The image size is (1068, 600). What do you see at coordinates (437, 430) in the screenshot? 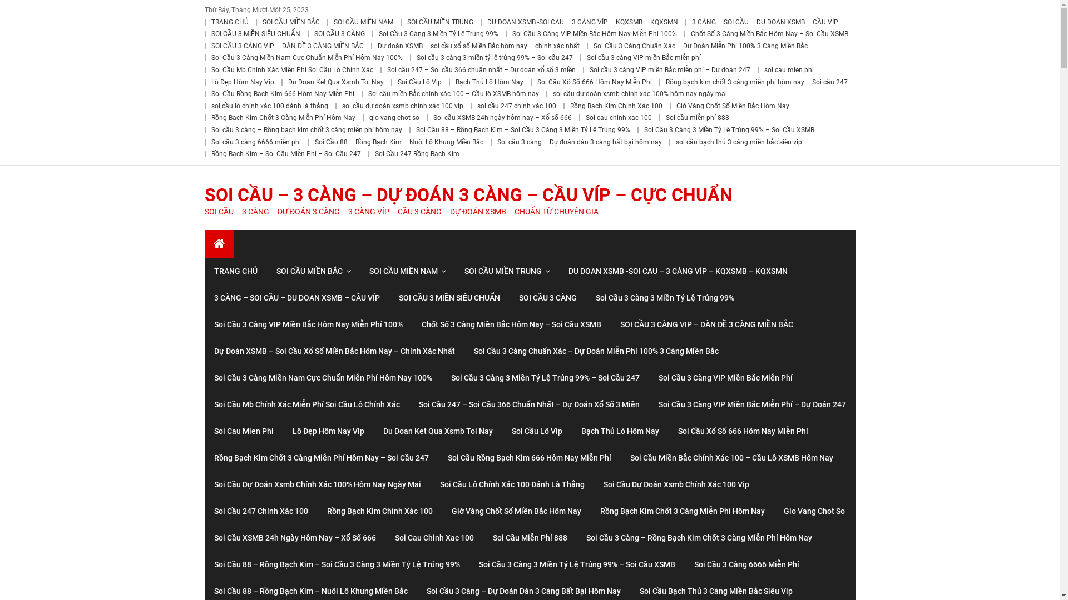
I see `'Du Doan Ket Qua Xsmb Toi Nay'` at bounding box center [437, 430].